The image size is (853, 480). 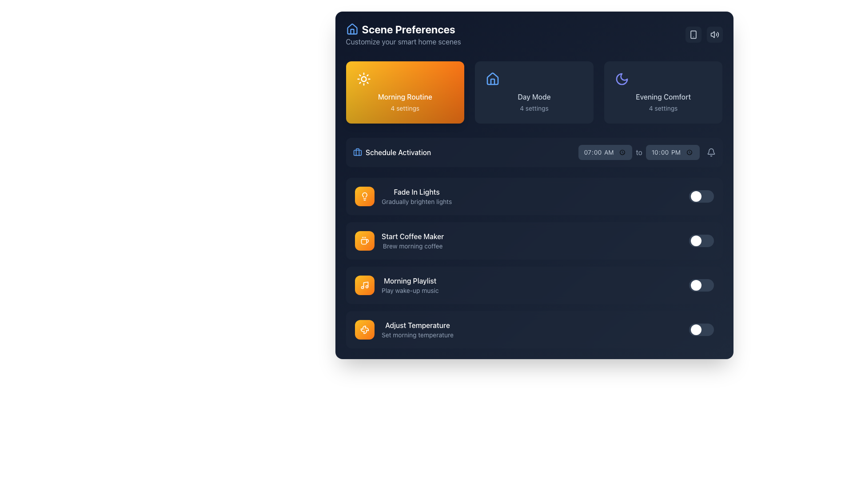 What do you see at coordinates (417, 325) in the screenshot?
I see `the Text Label that describes the control option for adjusting the temperature, which is the main label of the fourth item in the list beneath 'Schedule Activation'` at bounding box center [417, 325].